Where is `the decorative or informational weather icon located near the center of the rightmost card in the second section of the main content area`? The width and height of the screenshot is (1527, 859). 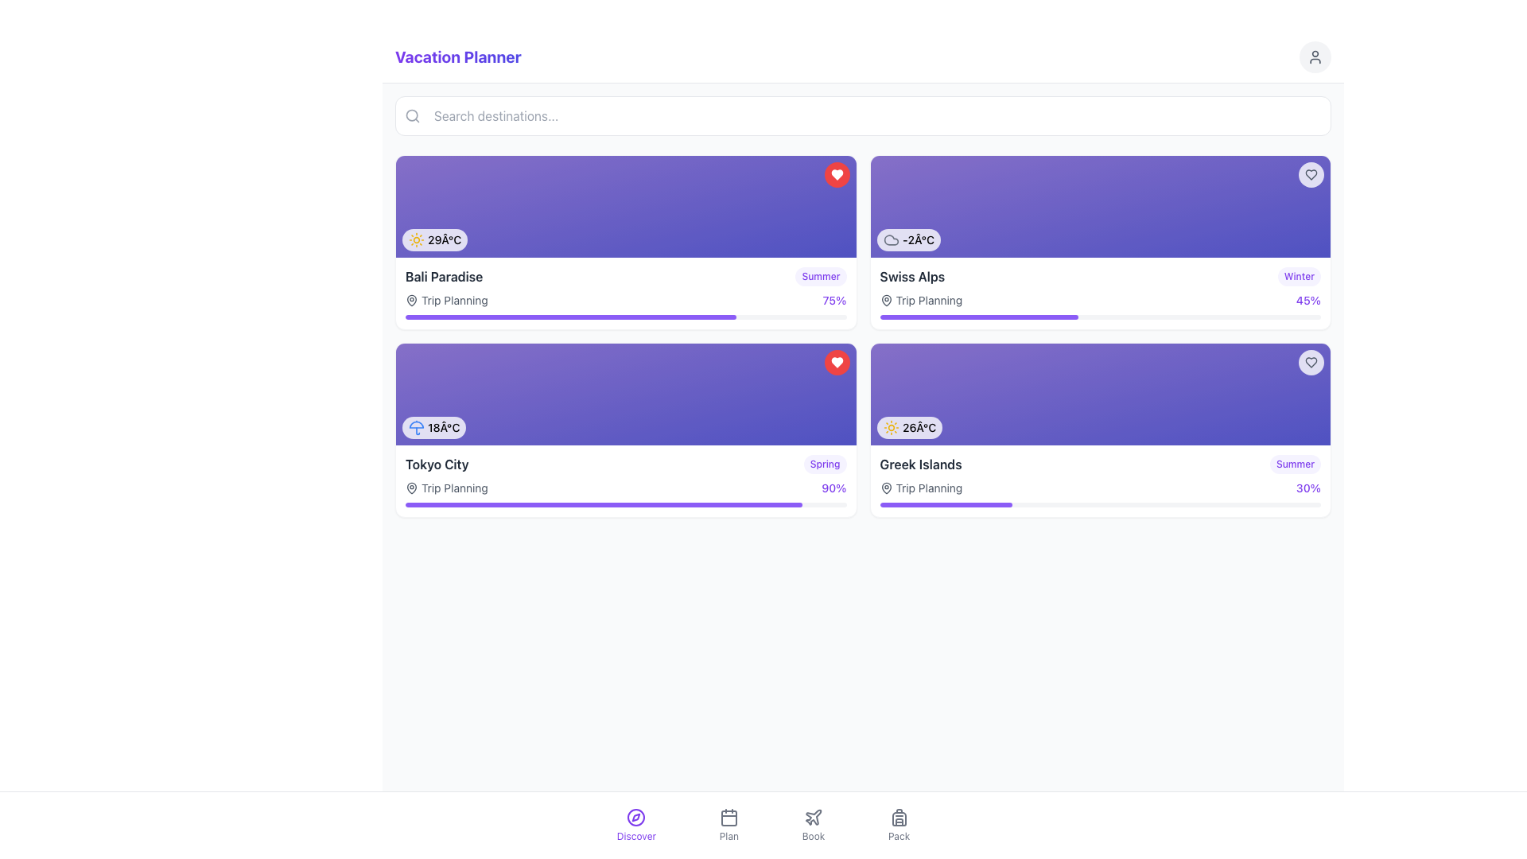 the decorative or informational weather icon located near the center of the rightmost card in the second section of the main content area is located at coordinates (891, 239).